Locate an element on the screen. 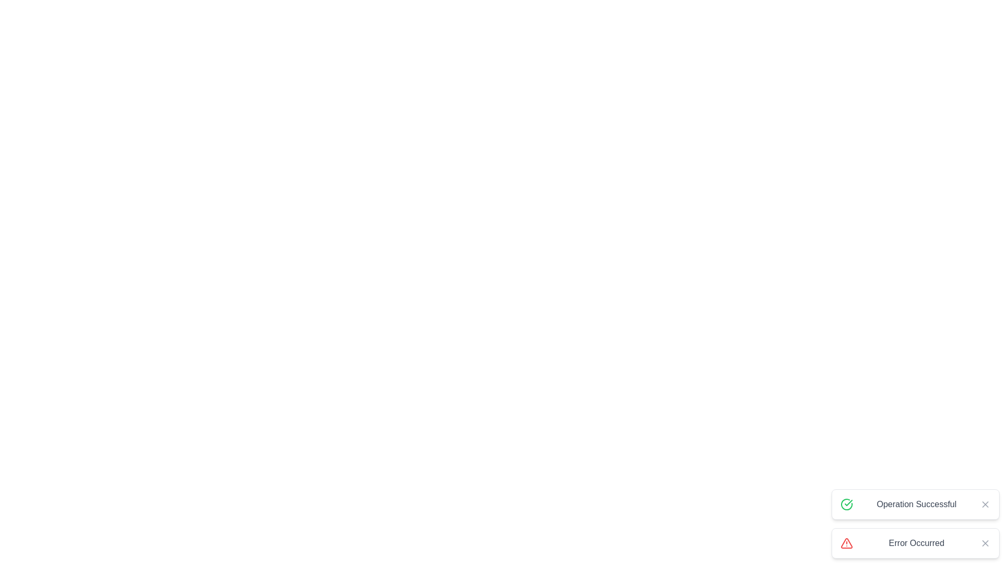 This screenshot has width=1008, height=567. the error notification icon located within the notification bar at the bottom right of the interface, which indicates an 'Error Occurred' is located at coordinates (846, 543).